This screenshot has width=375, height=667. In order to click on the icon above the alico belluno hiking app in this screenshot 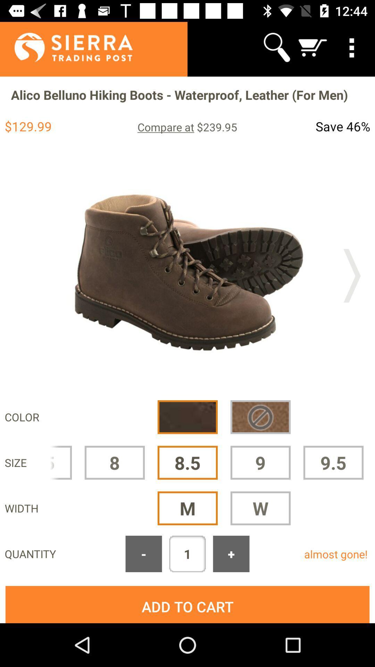, I will do `click(313, 47)`.